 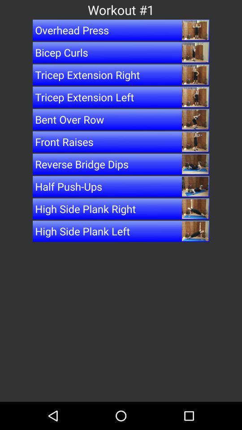 What do you see at coordinates (121, 119) in the screenshot?
I see `the bent over row icon` at bounding box center [121, 119].